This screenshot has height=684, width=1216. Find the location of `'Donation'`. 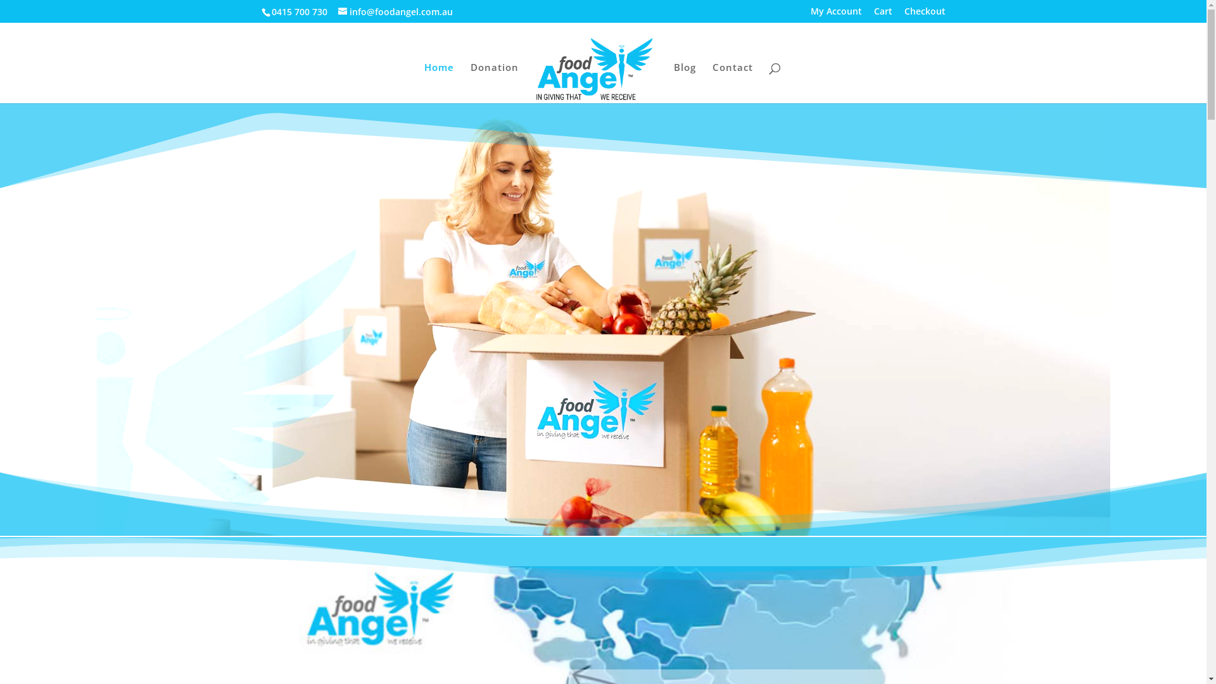

'Donation' is located at coordinates (494, 83).